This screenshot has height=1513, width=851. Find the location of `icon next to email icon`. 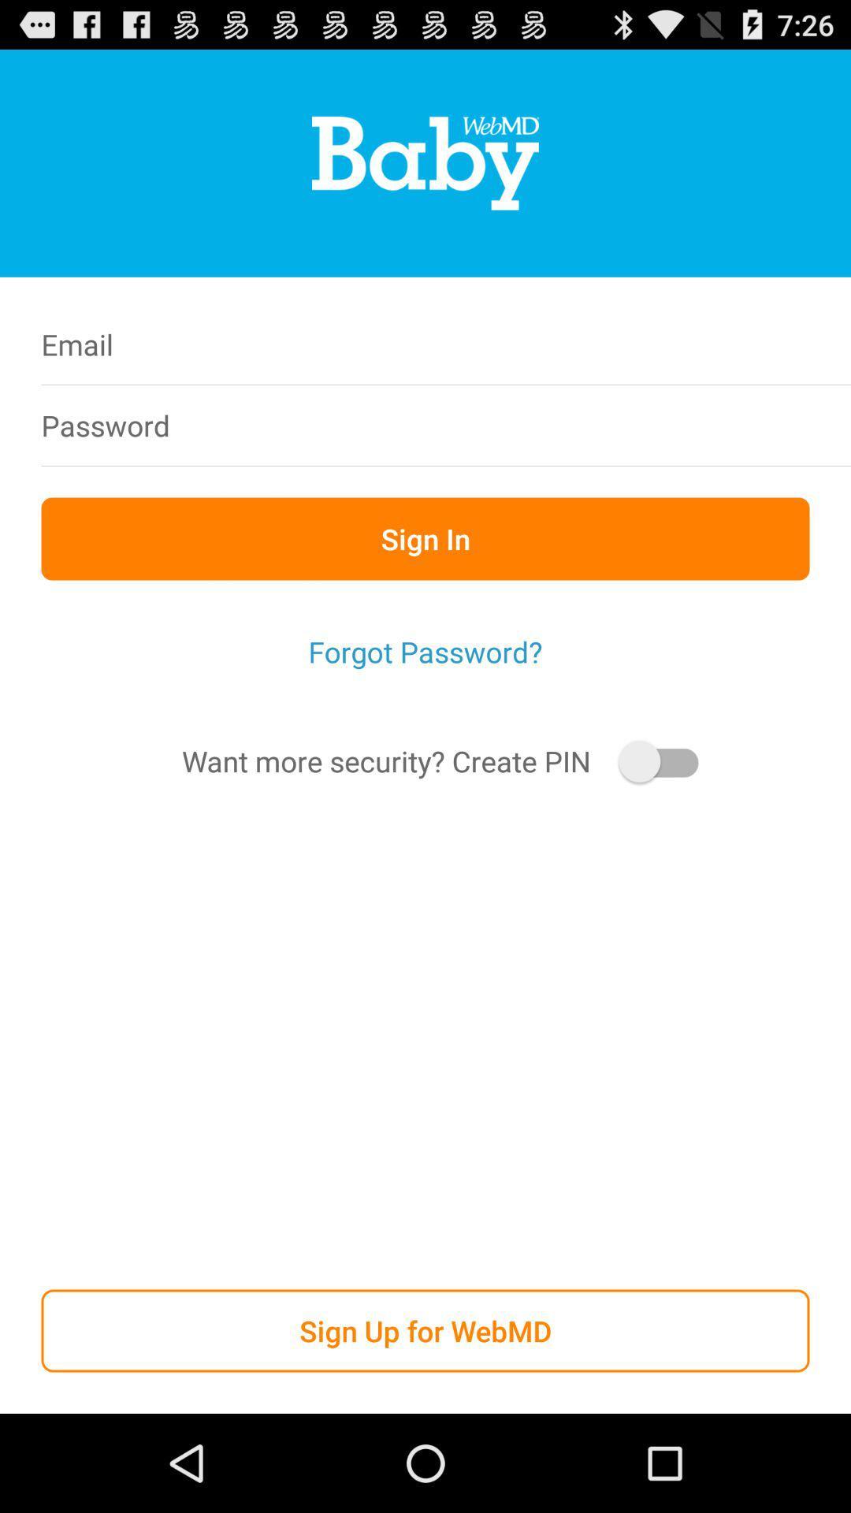

icon next to email icon is located at coordinates (526, 344).